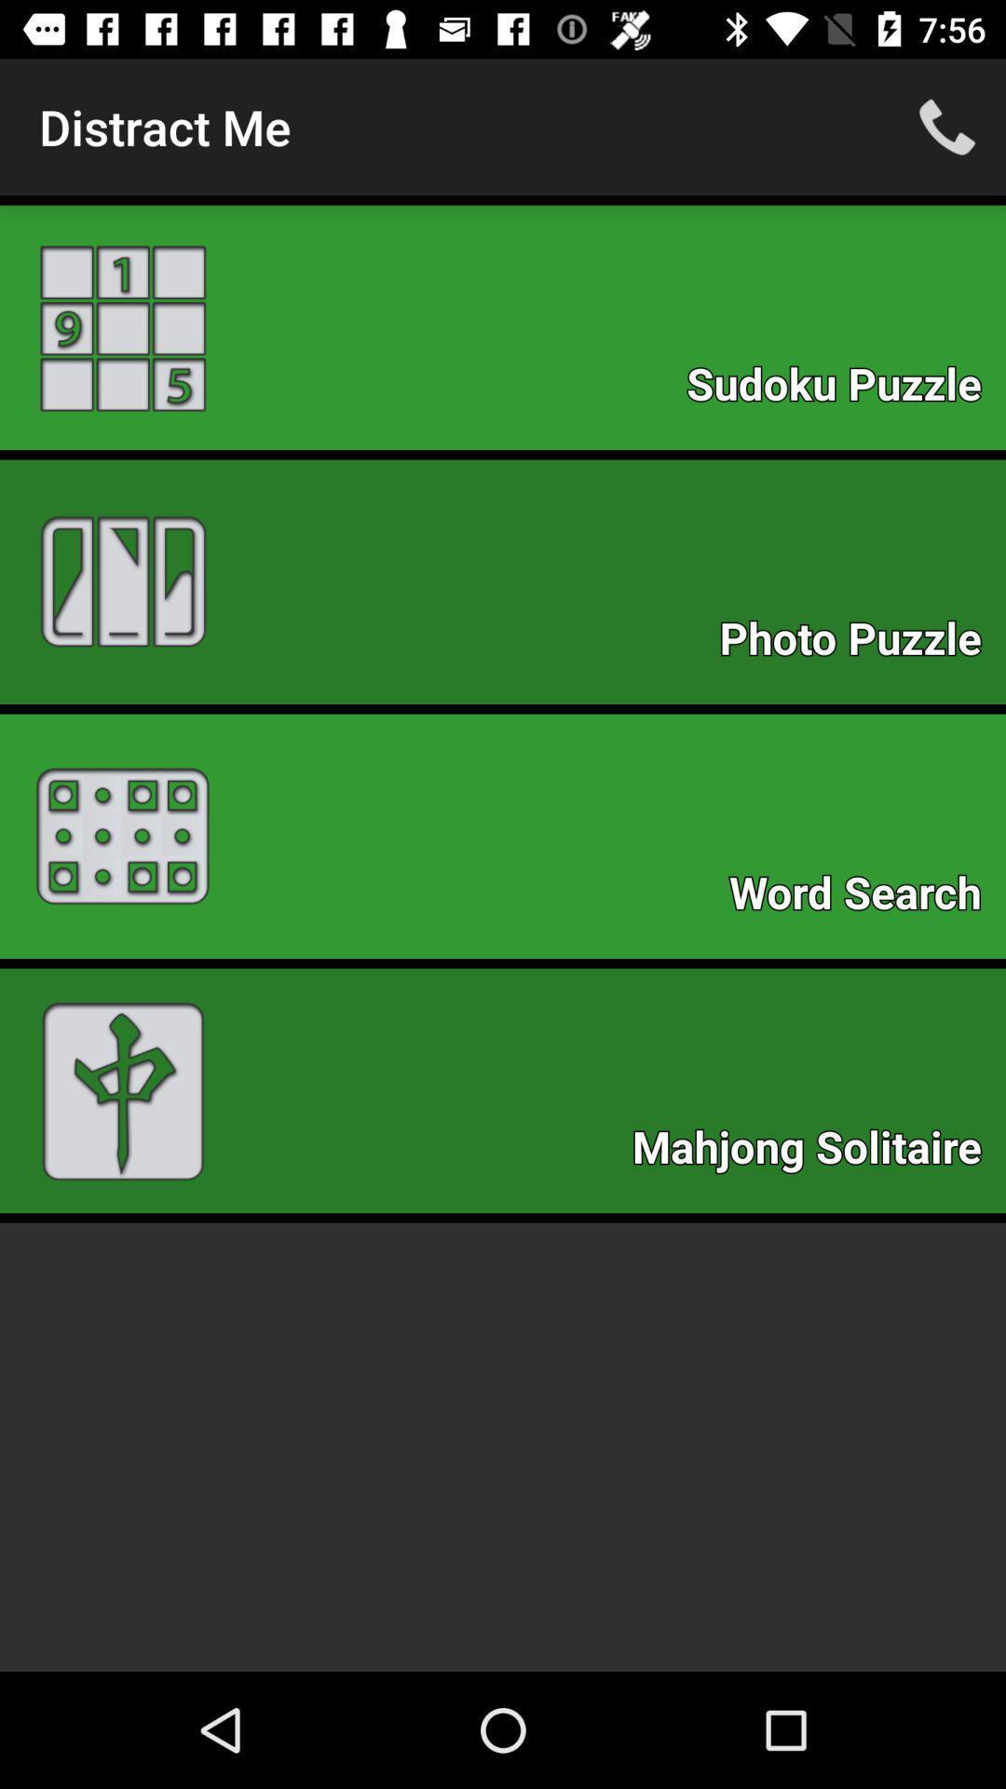  What do you see at coordinates (864, 898) in the screenshot?
I see `word search icon` at bounding box center [864, 898].